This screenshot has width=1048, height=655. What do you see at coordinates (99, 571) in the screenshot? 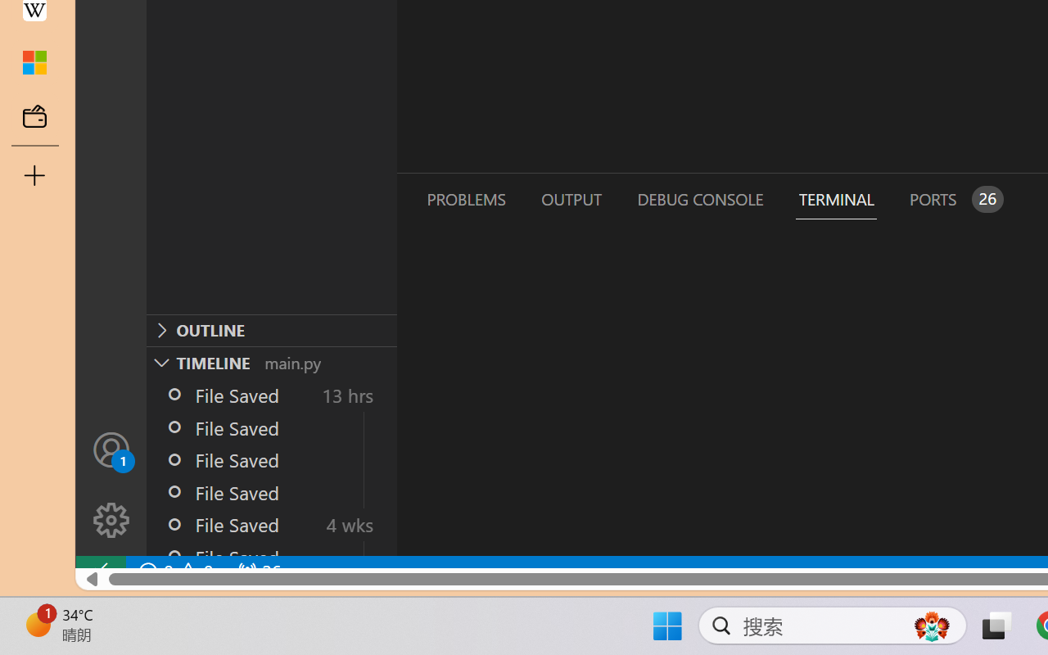
I see `'remote'` at bounding box center [99, 571].